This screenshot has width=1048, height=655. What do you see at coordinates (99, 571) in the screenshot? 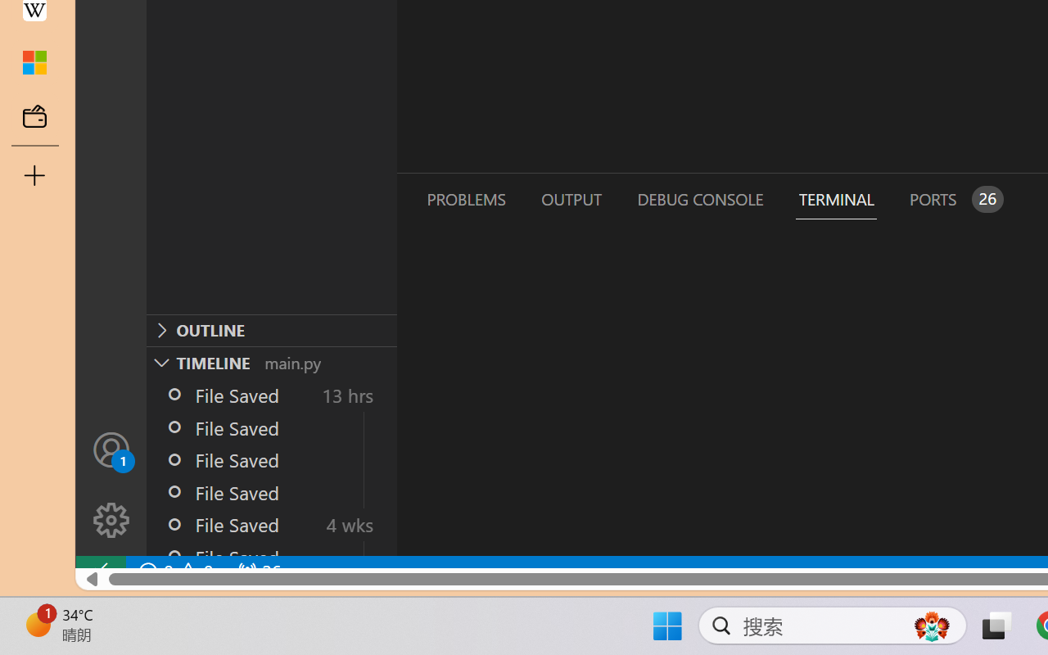
I see `'remote'` at bounding box center [99, 571].